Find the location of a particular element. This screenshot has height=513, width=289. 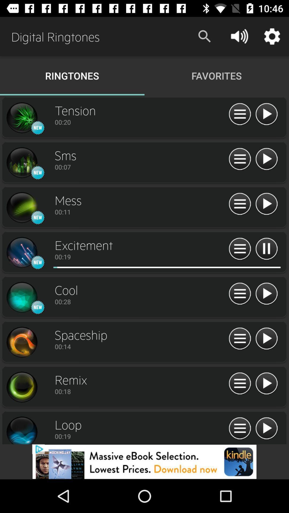

ringtone is located at coordinates (266, 159).